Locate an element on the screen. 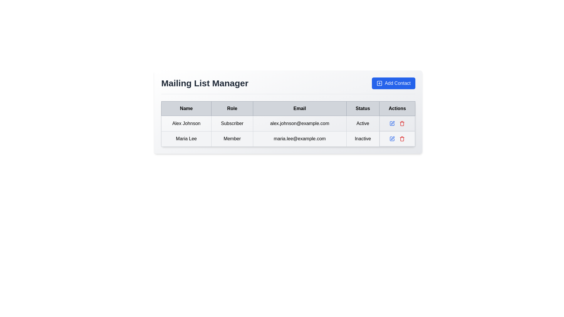 This screenshot has height=317, width=564. the non-interactive status text cell for user Alex Johnson located in the 'Status' column of the data table in the first row is located at coordinates (362, 123).